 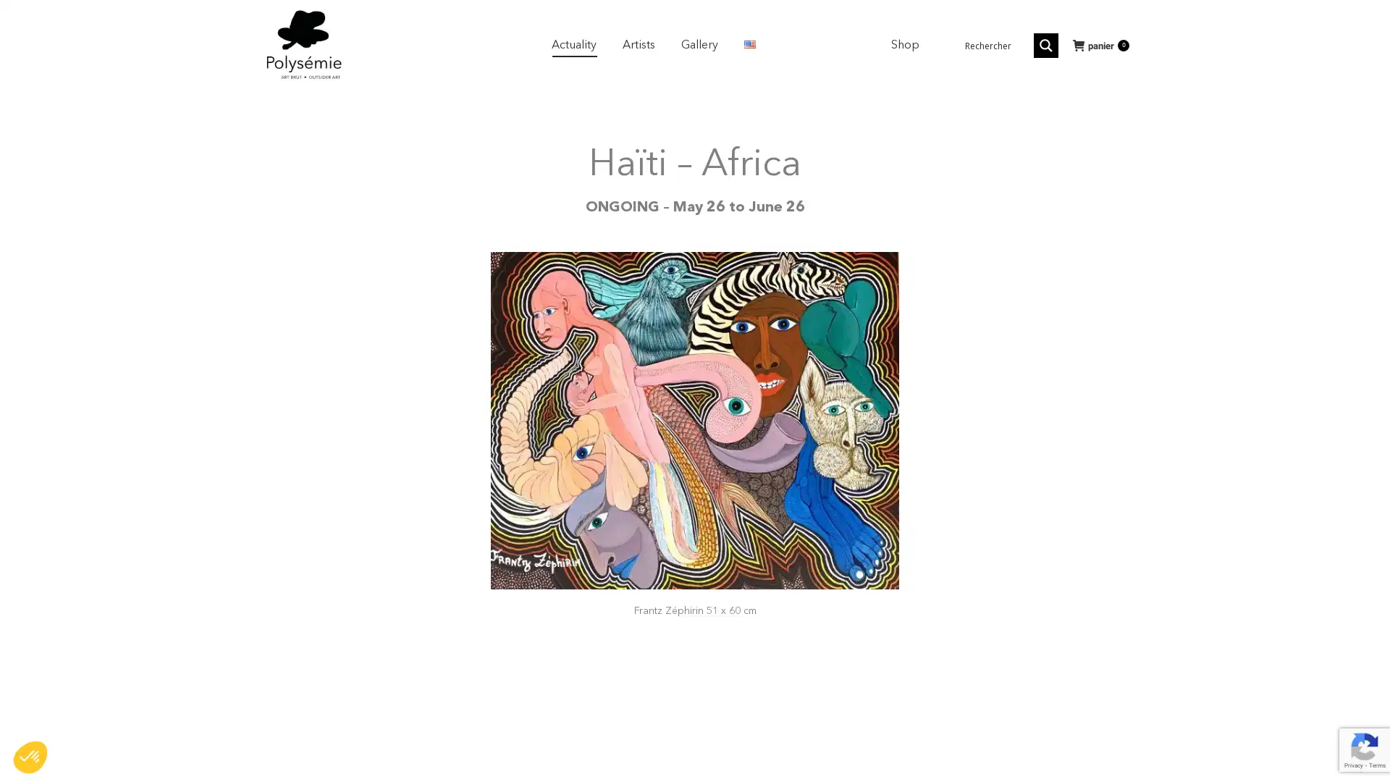 What do you see at coordinates (30, 756) in the screenshot?
I see `Fermer` at bounding box center [30, 756].